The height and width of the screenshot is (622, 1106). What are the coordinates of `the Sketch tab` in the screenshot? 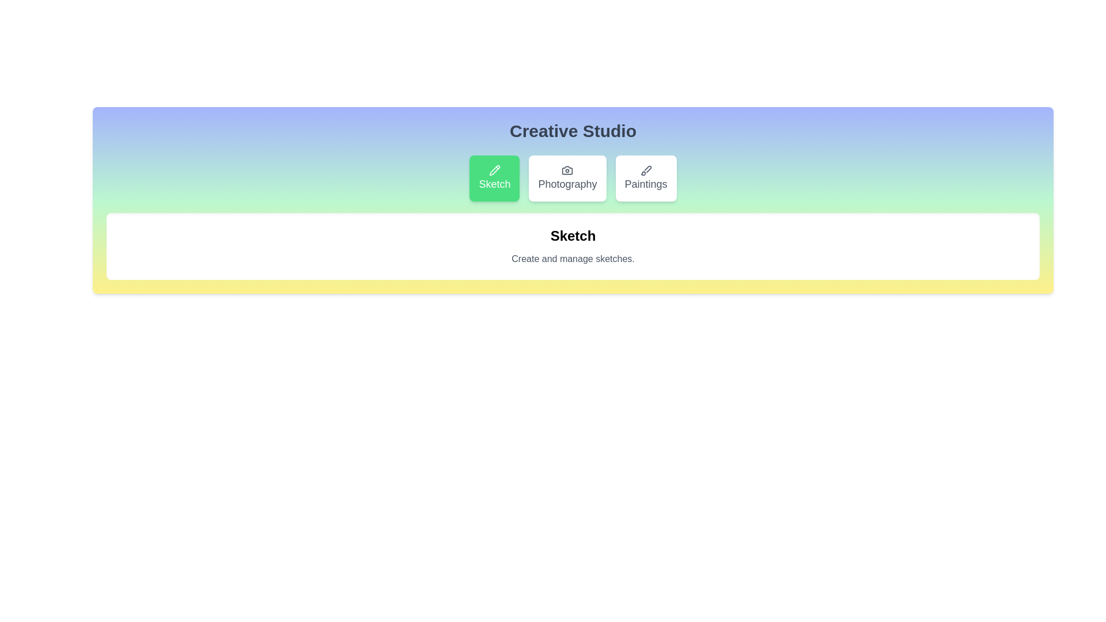 It's located at (495, 178).